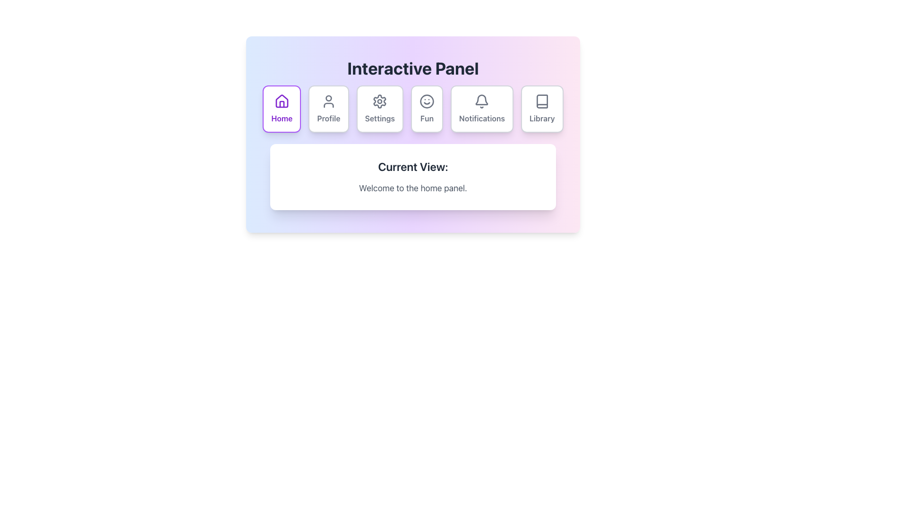 Image resolution: width=907 pixels, height=510 pixels. I want to click on the Static Text Label that reads 'Current View:' styled in large, bold, semibold gray text, located at the top of a white rounded panel, so click(413, 166).